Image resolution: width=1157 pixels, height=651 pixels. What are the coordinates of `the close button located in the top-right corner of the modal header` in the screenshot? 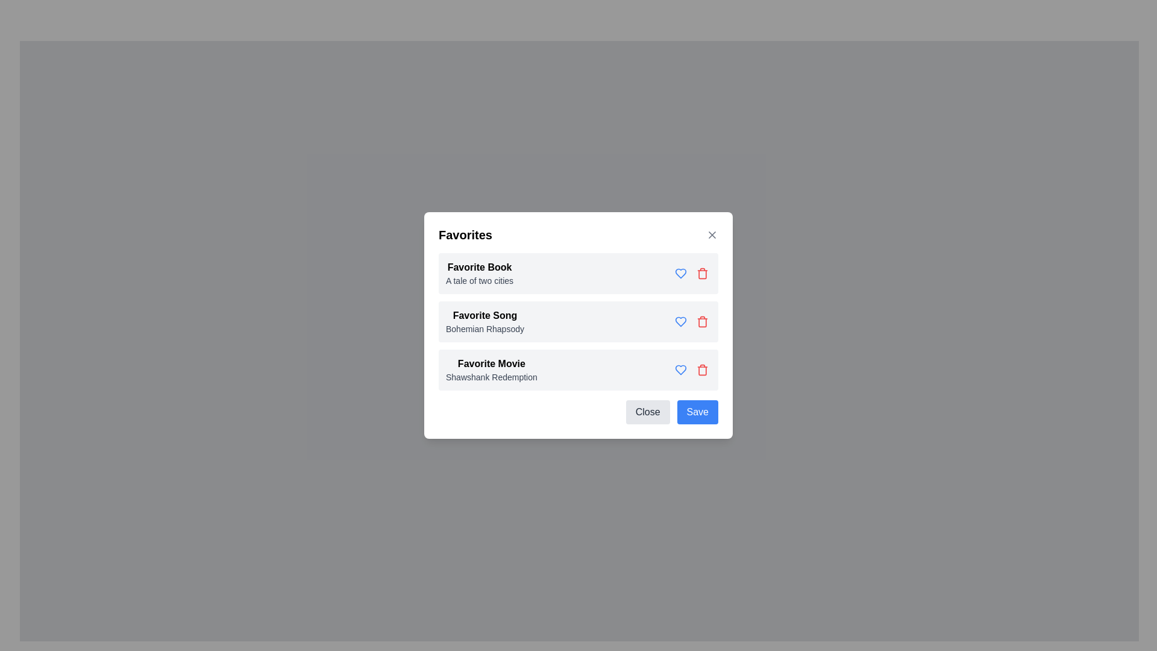 It's located at (712, 234).